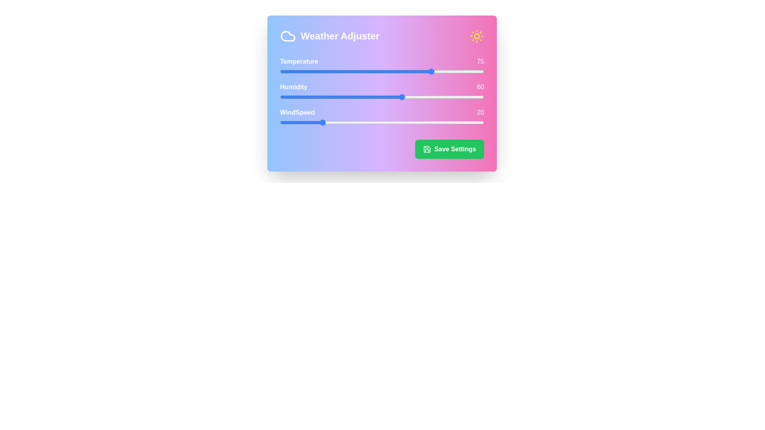 Image resolution: width=765 pixels, height=430 pixels. What do you see at coordinates (288, 36) in the screenshot?
I see `the first weather-related icon located in the top-left corner of the 'Weather Adjuster' header section, positioned to the left of the text 'Weather Adjuster.'` at bounding box center [288, 36].